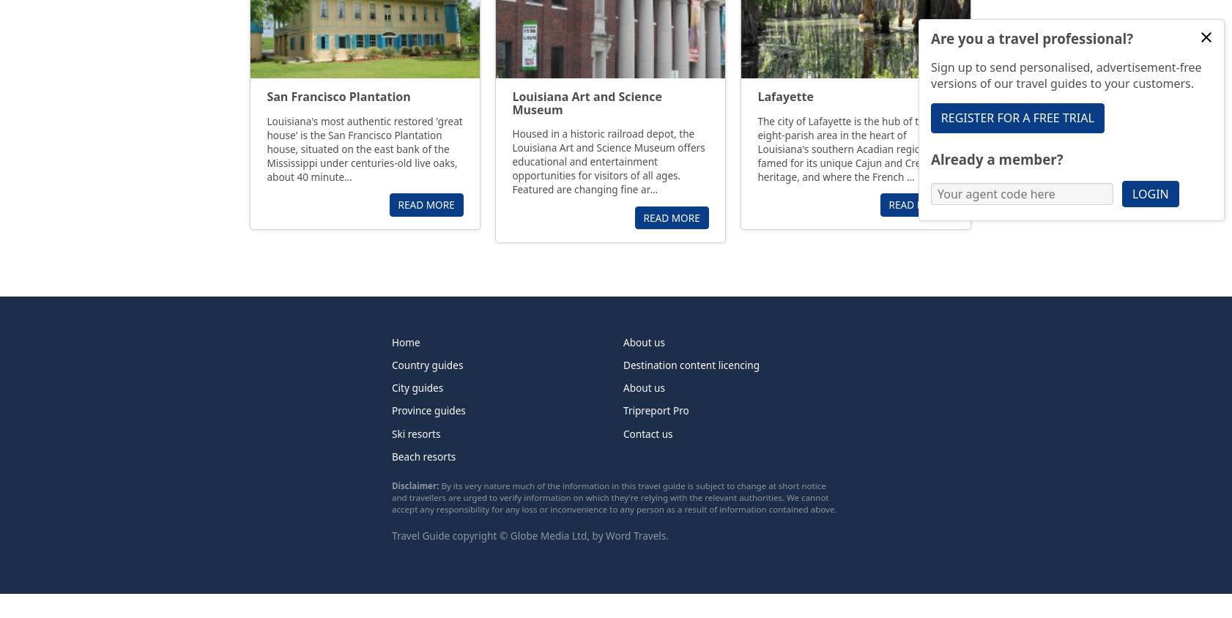 Image resolution: width=1232 pixels, height=618 pixels. Describe the element at coordinates (690, 363) in the screenshot. I see `'Destination content licencing'` at that location.